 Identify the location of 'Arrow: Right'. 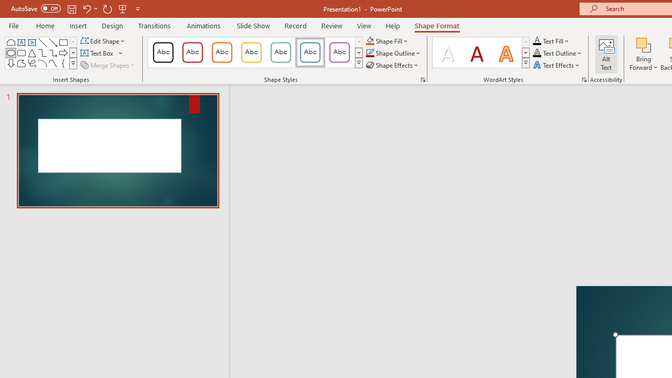
(62, 52).